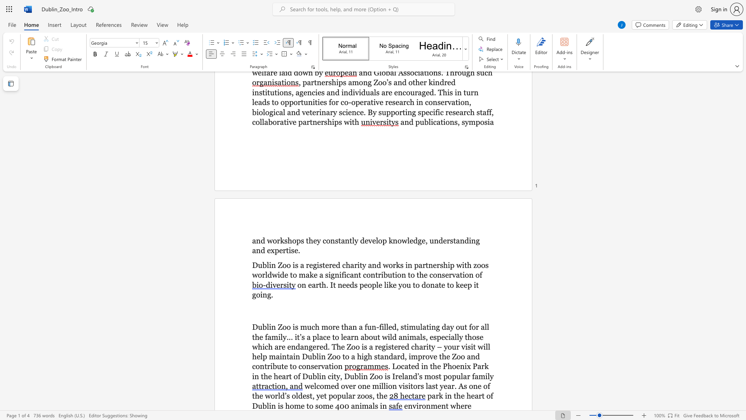 This screenshot has height=420, width=746. Describe the element at coordinates (340, 405) in the screenshot. I see `the subset text "00 animal" within the text "park in the heart of Dublin is home to some 400 animals in"` at that location.